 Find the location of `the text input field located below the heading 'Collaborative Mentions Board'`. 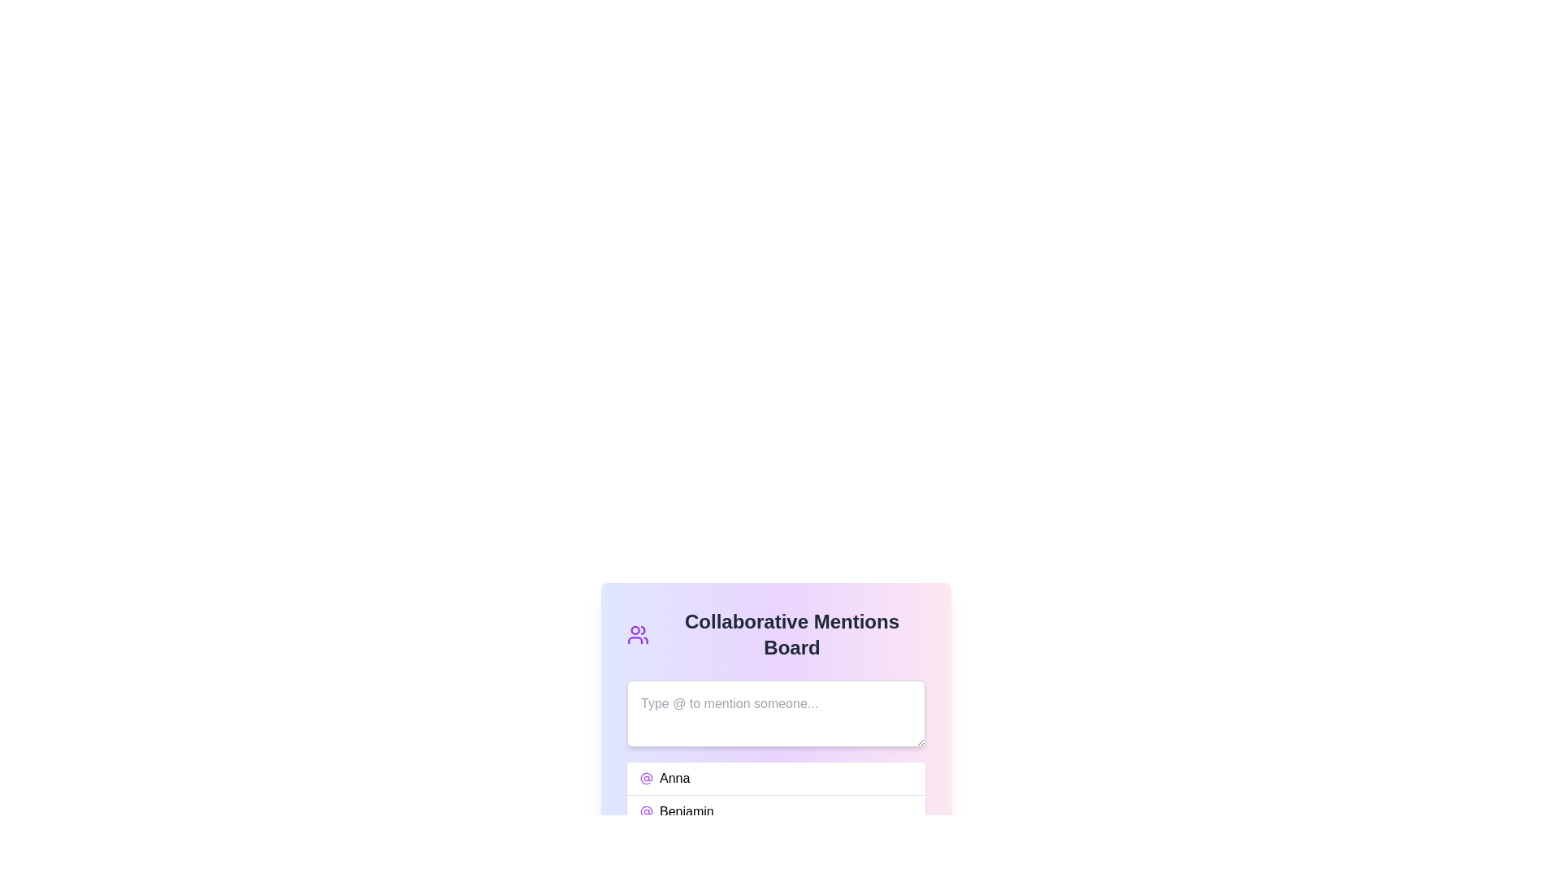

the text input field located below the heading 'Collaborative Mentions Board' is located at coordinates (775, 713).